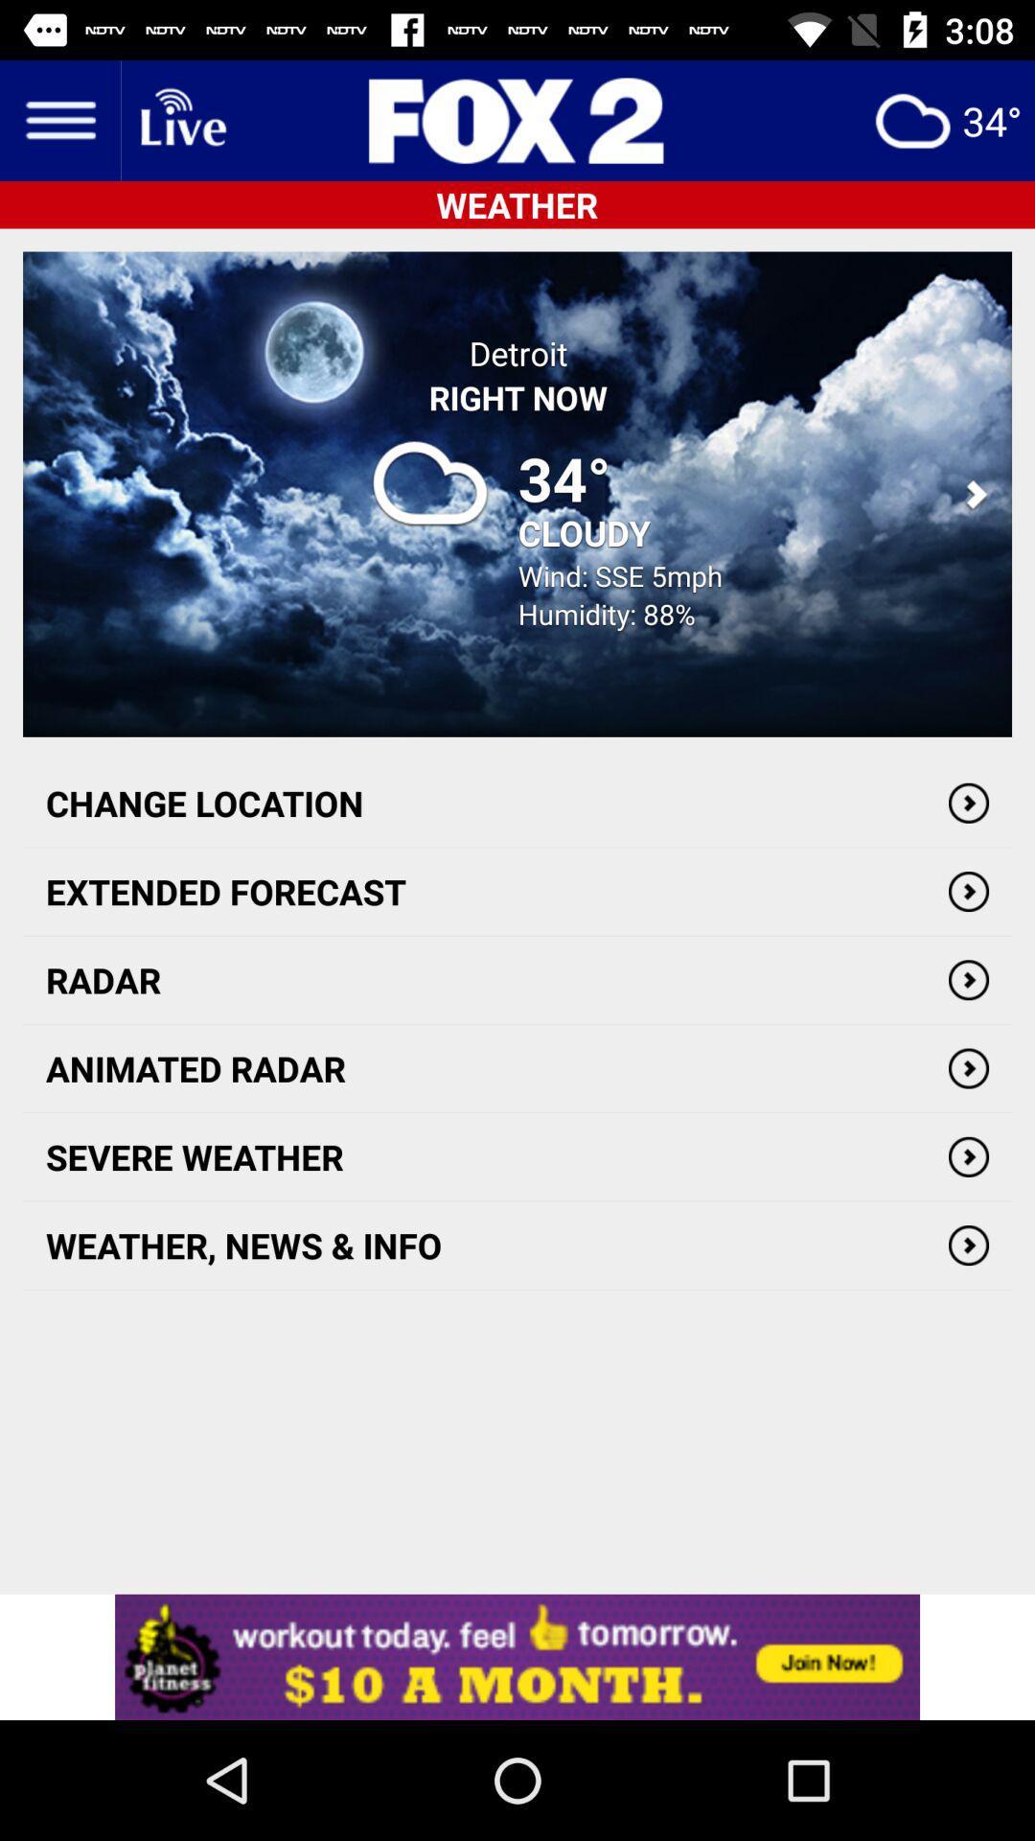 The width and height of the screenshot is (1035, 1841). I want to click on the menu icon, so click(58, 119).